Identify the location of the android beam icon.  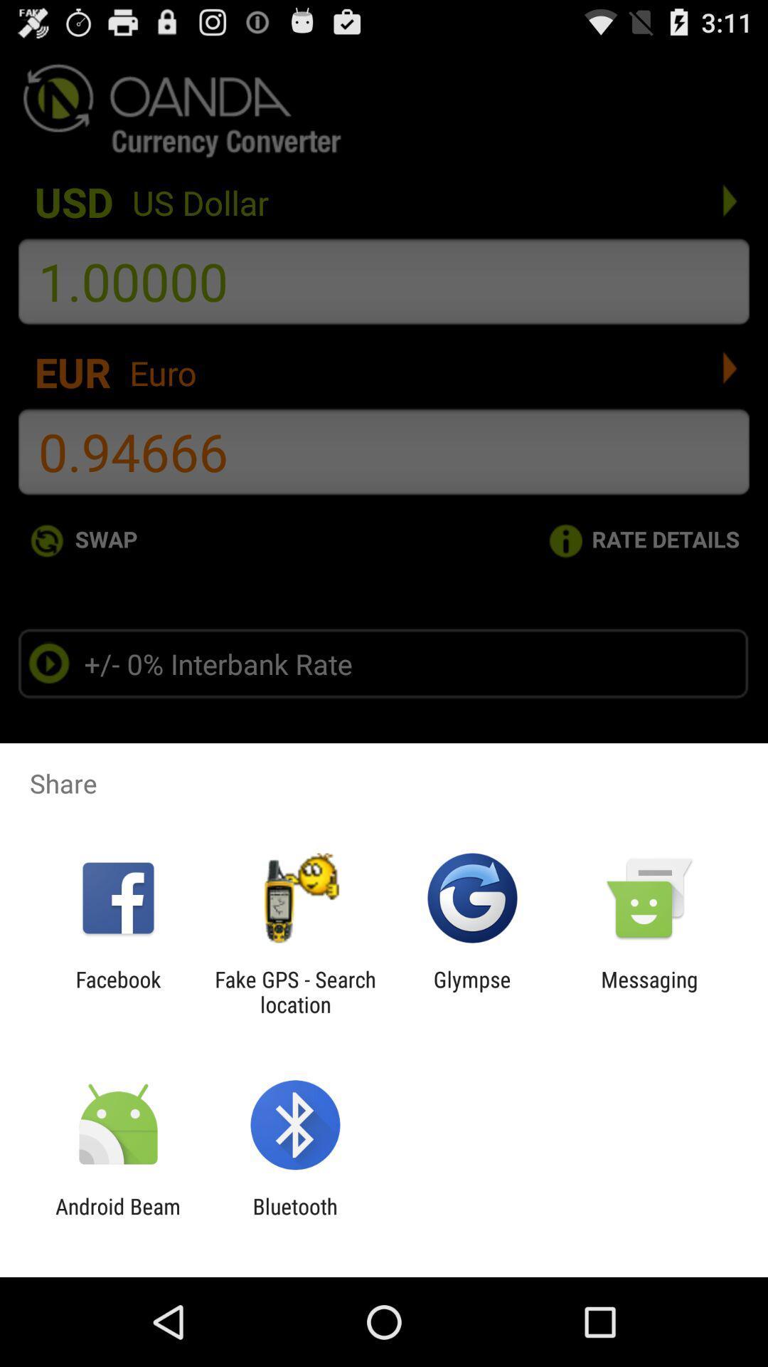
(117, 1218).